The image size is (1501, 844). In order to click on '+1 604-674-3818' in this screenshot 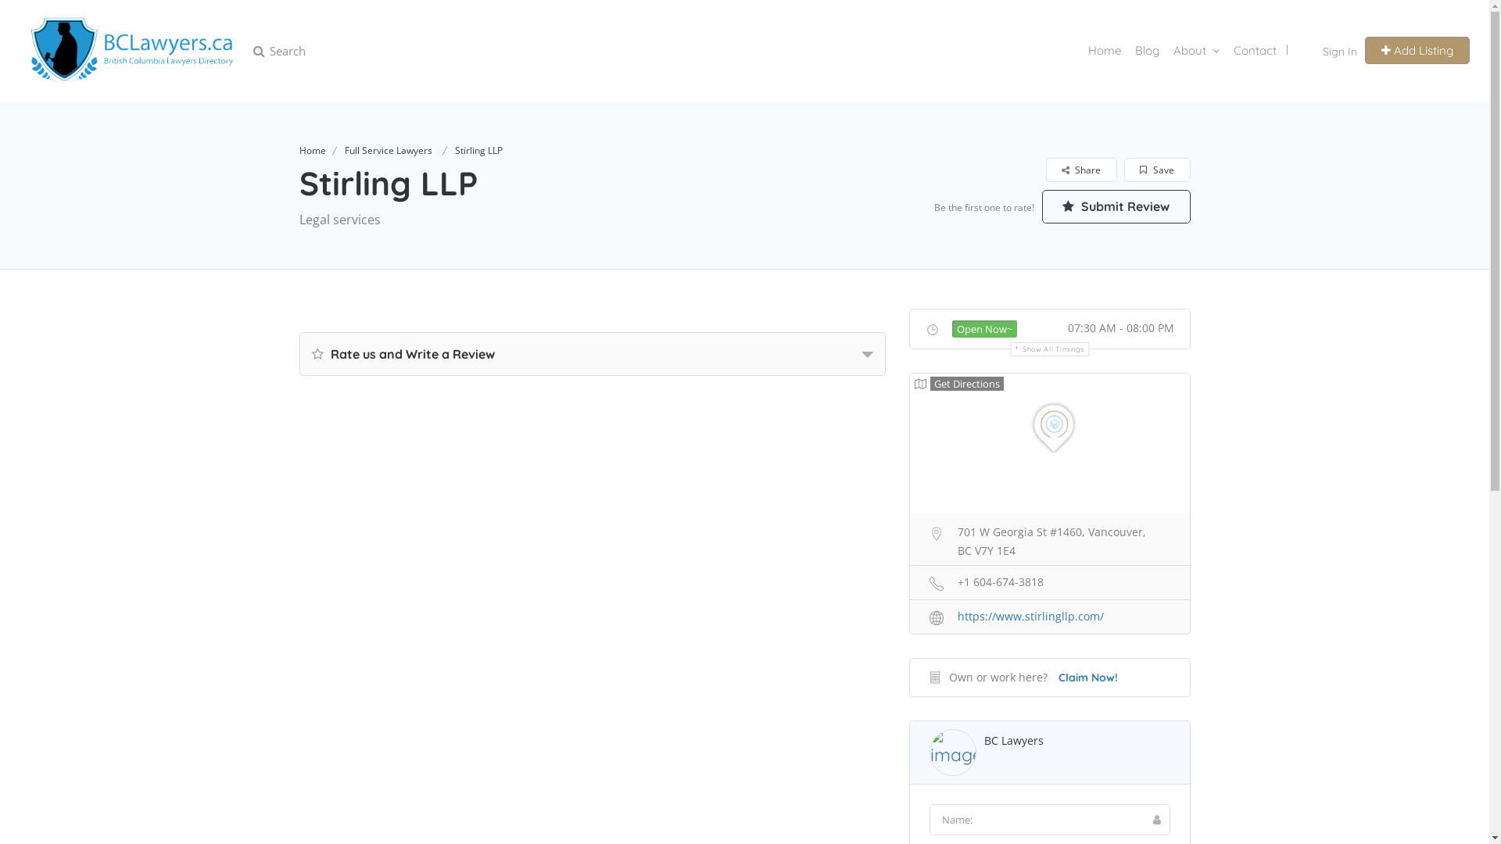, I will do `click(1050, 581)`.